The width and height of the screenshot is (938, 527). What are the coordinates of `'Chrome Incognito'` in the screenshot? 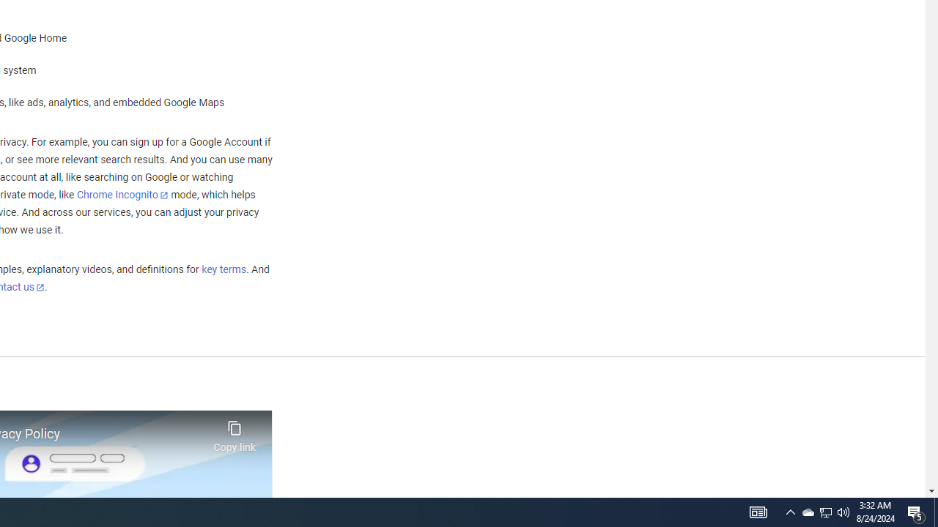 It's located at (122, 194).